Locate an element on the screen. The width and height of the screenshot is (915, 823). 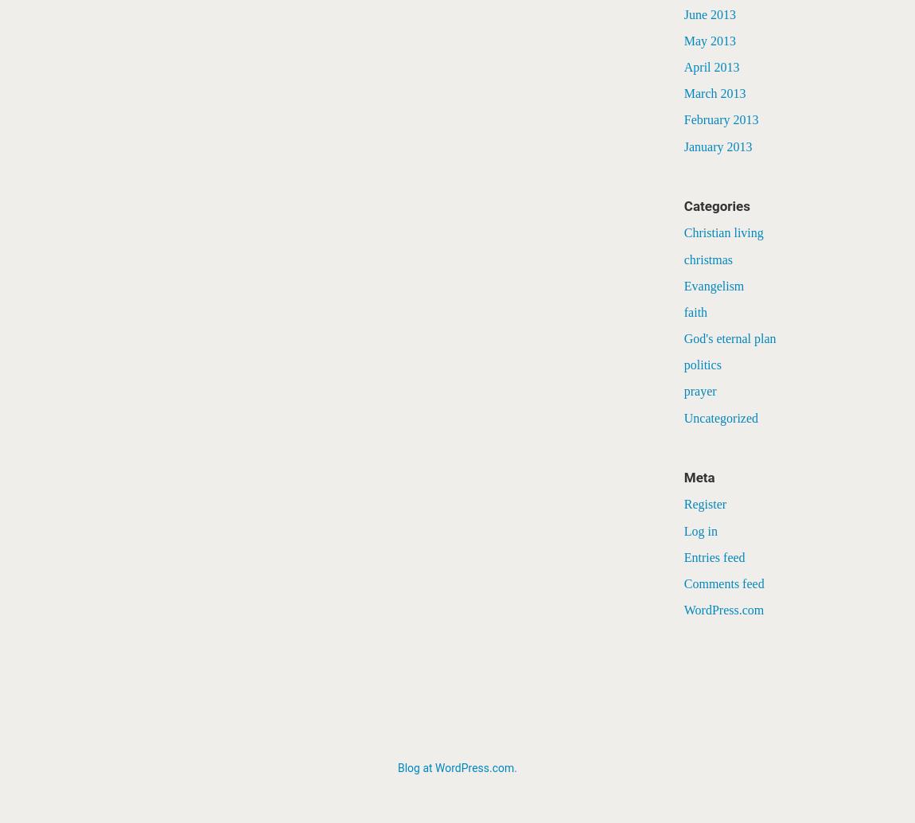
'WordPress.com' is located at coordinates (723, 610).